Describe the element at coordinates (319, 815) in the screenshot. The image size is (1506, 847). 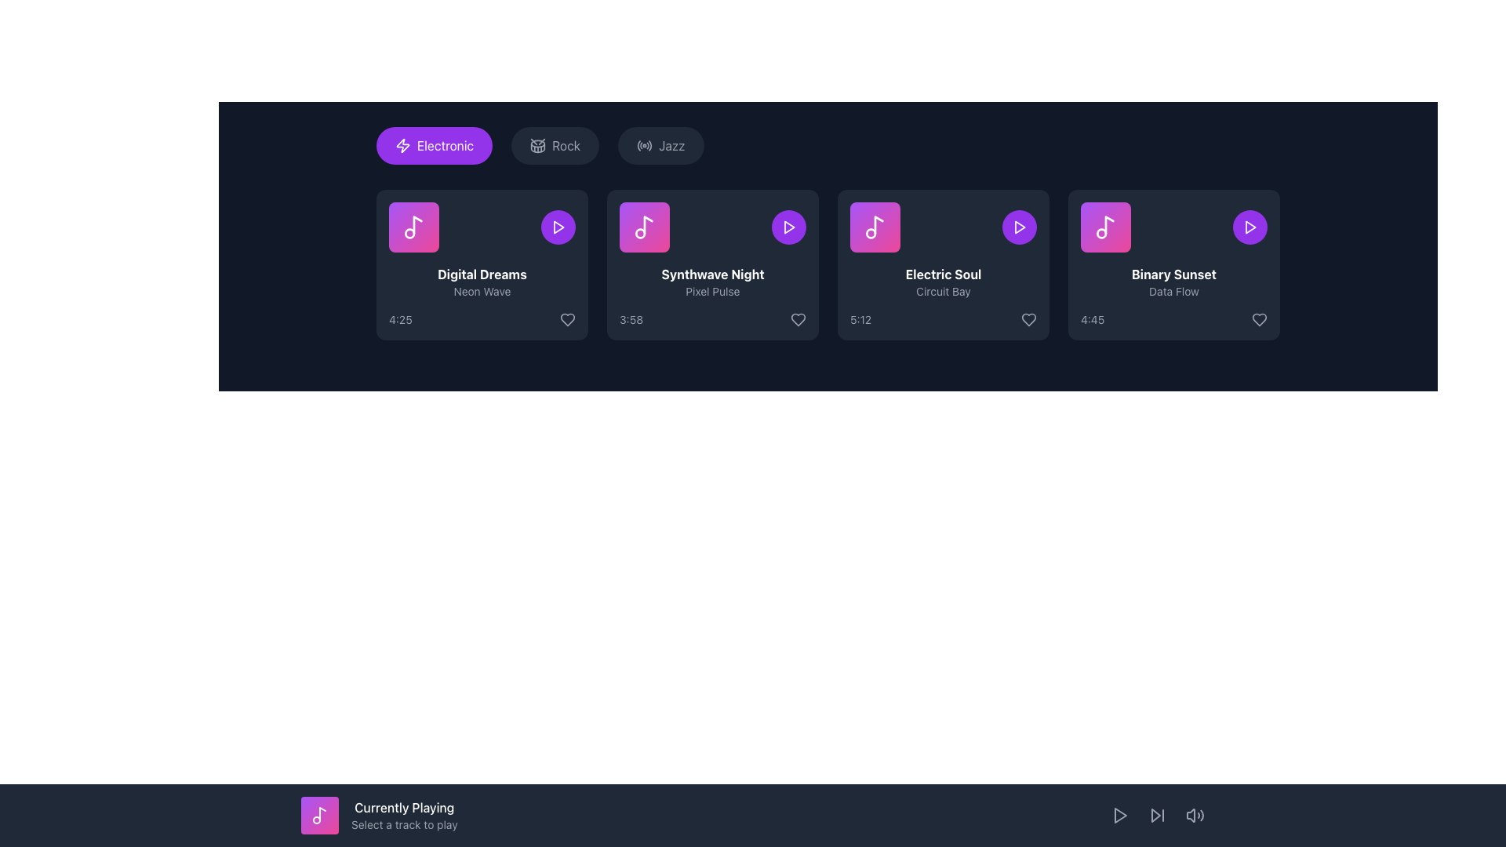
I see `the musical note icon located in the 'Currently Playing' section of the bottom progress bar, which has a clean, modern design with white lines on a transparent background` at that location.